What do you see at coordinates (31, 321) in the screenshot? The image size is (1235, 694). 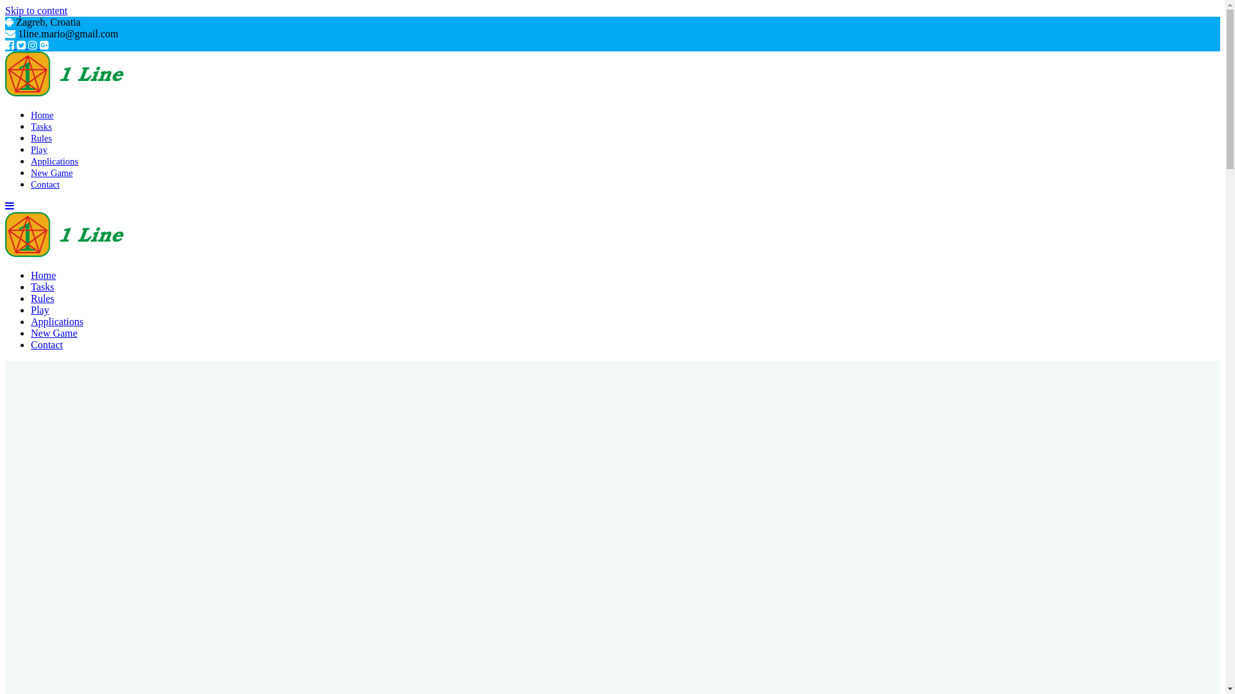 I see `'Applications'` at bounding box center [31, 321].